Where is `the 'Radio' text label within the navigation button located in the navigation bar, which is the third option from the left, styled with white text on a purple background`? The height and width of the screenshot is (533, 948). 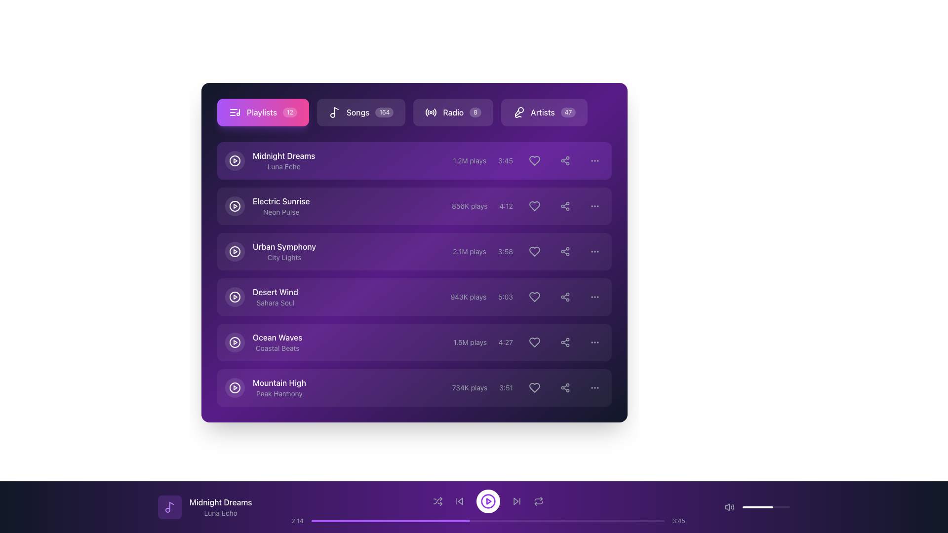 the 'Radio' text label within the navigation button located in the navigation bar, which is the third option from the left, styled with white text on a purple background is located at coordinates (453, 112).